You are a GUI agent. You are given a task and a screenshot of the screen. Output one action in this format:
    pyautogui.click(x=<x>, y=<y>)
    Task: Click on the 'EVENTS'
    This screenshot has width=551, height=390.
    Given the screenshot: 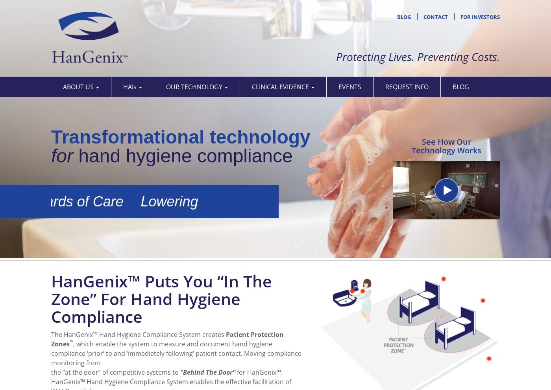 What is the action you would take?
    pyautogui.click(x=338, y=87)
    